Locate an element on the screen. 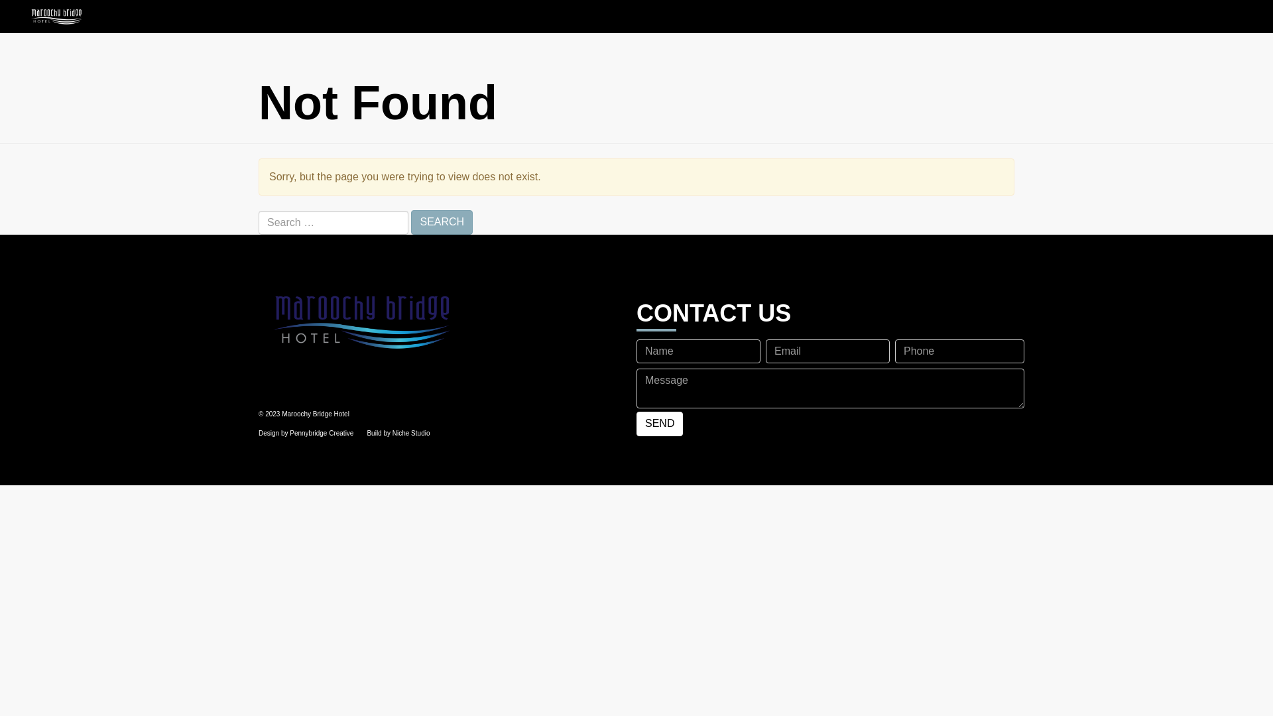 The image size is (1273, 716). 'Send' is located at coordinates (659, 424).